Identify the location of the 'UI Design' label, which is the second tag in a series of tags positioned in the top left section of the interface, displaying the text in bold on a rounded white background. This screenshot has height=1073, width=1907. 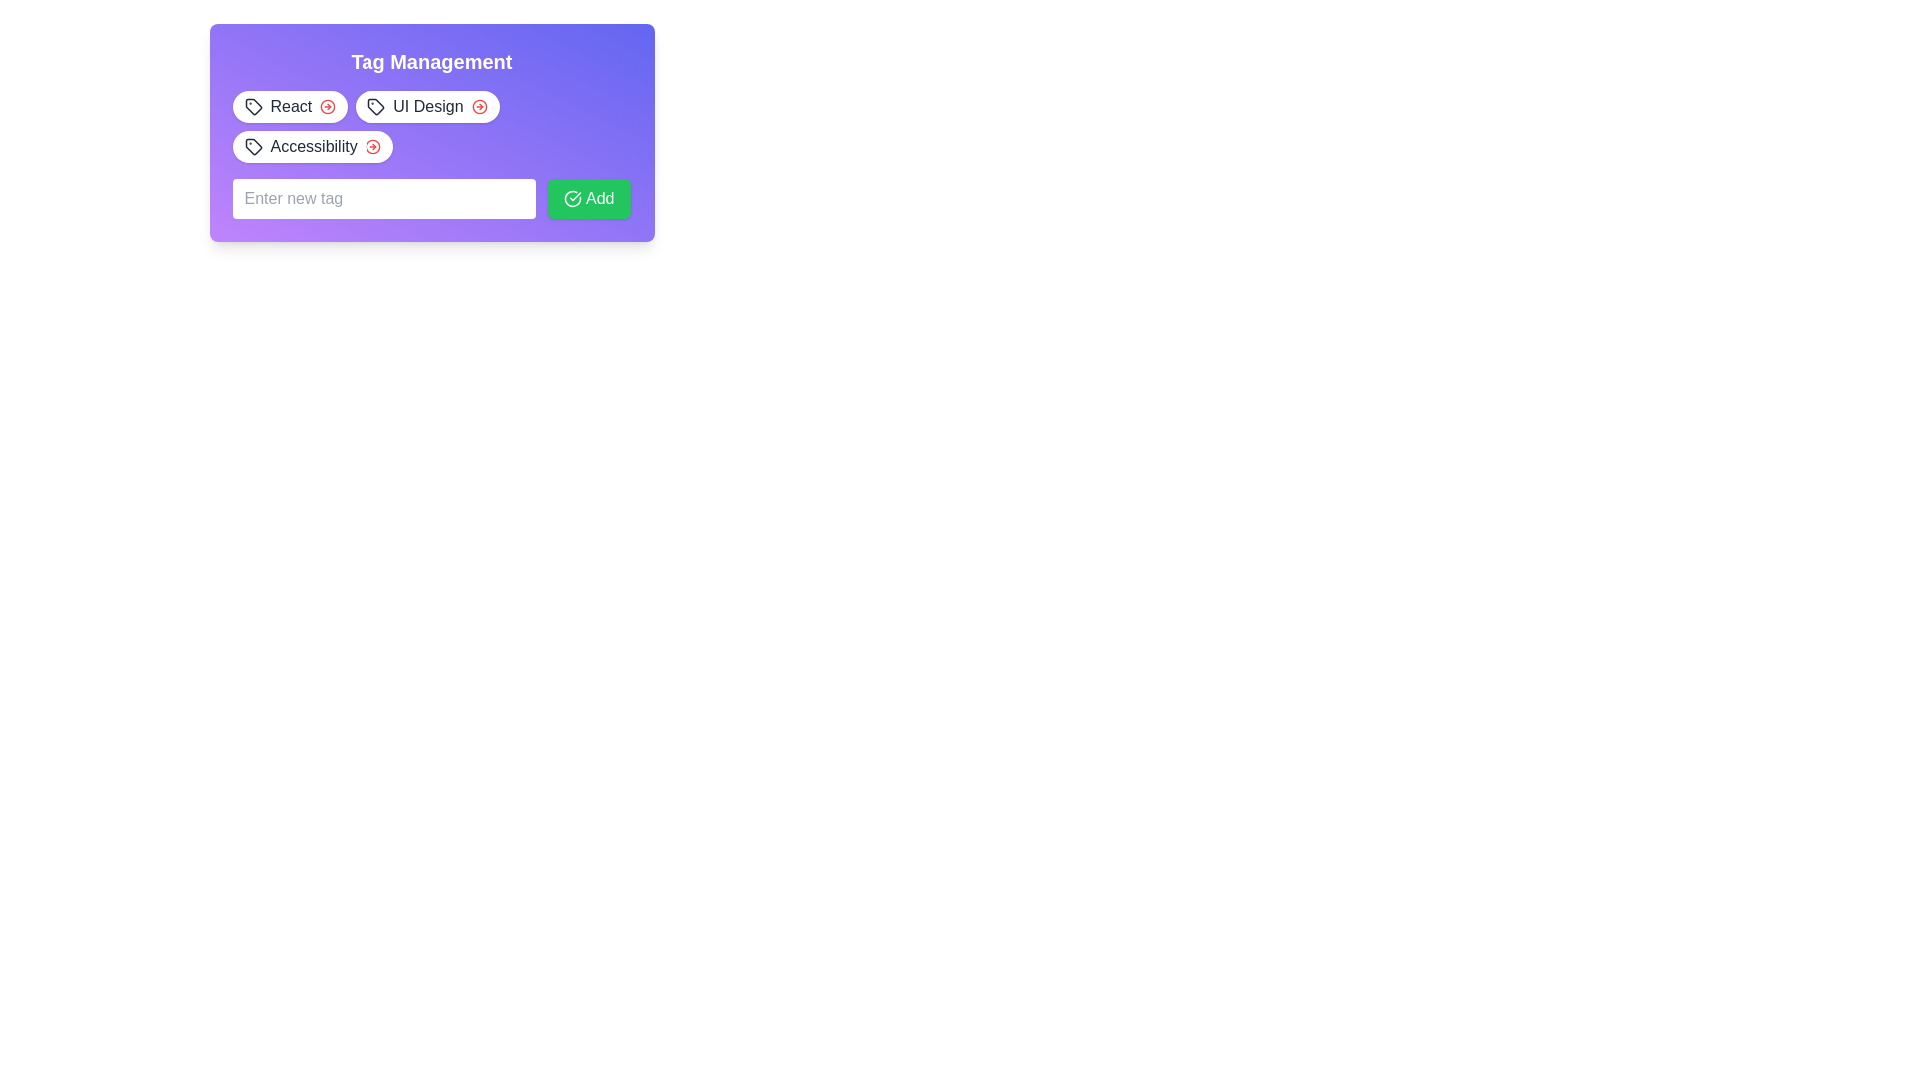
(427, 107).